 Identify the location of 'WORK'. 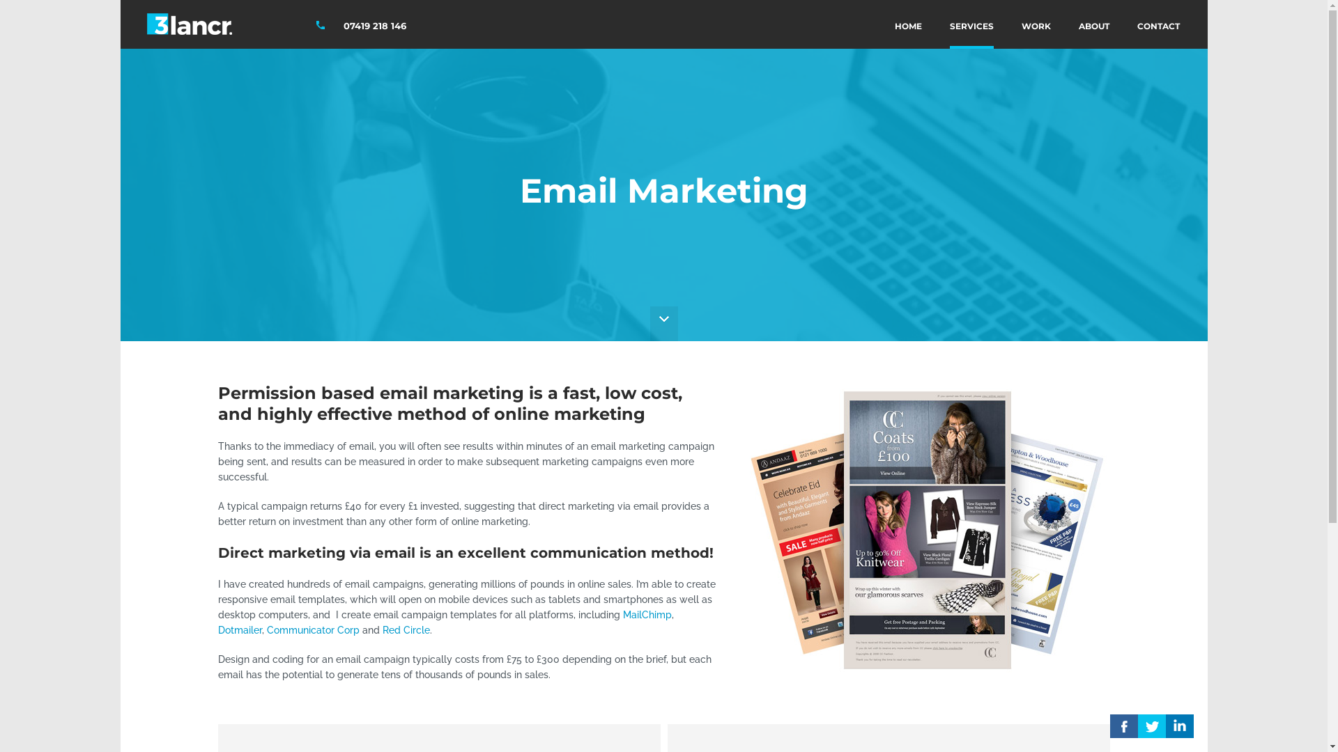
(1036, 24).